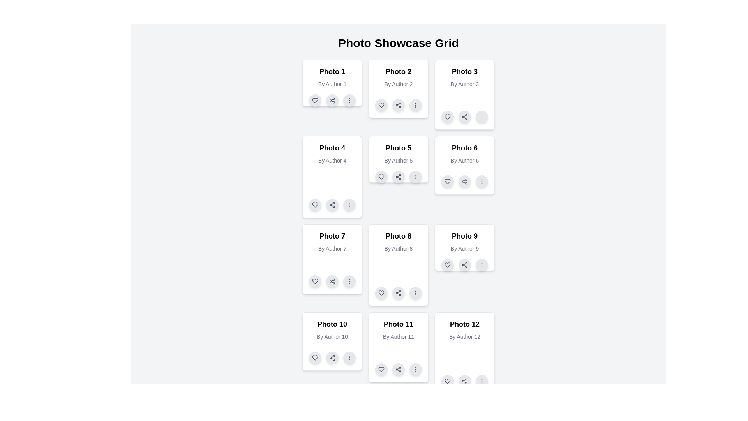 The height and width of the screenshot is (421, 748). I want to click on on the title text at the top of the card layout, so click(332, 72).